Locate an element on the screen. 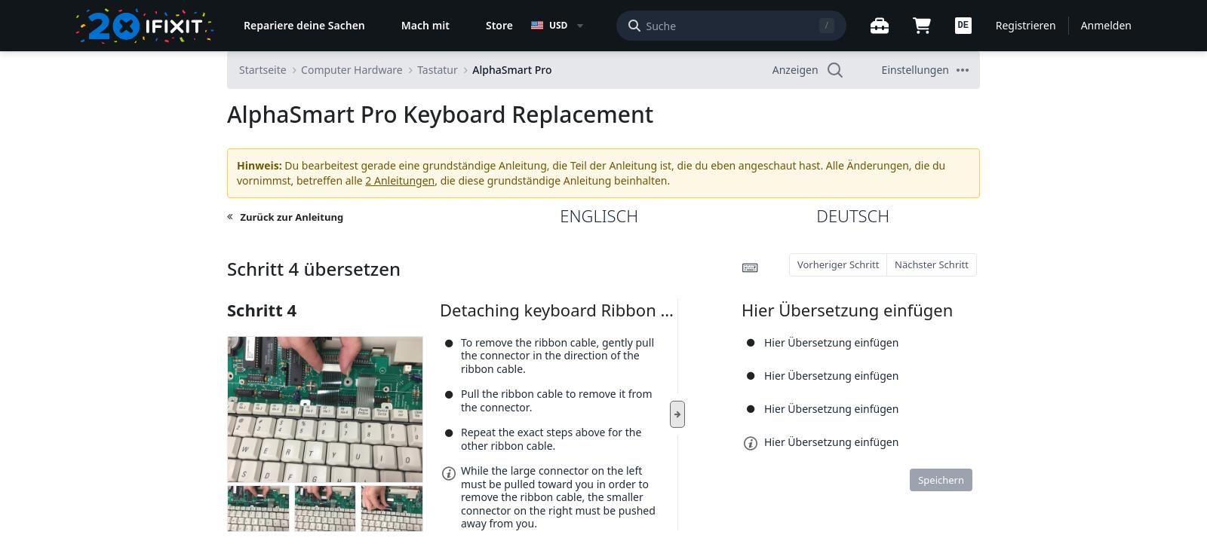 Image resolution: width=1207 pixels, height=550 pixels. 'Detaching keyboard Ribbon Cables' is located at coordinates (438, 307).